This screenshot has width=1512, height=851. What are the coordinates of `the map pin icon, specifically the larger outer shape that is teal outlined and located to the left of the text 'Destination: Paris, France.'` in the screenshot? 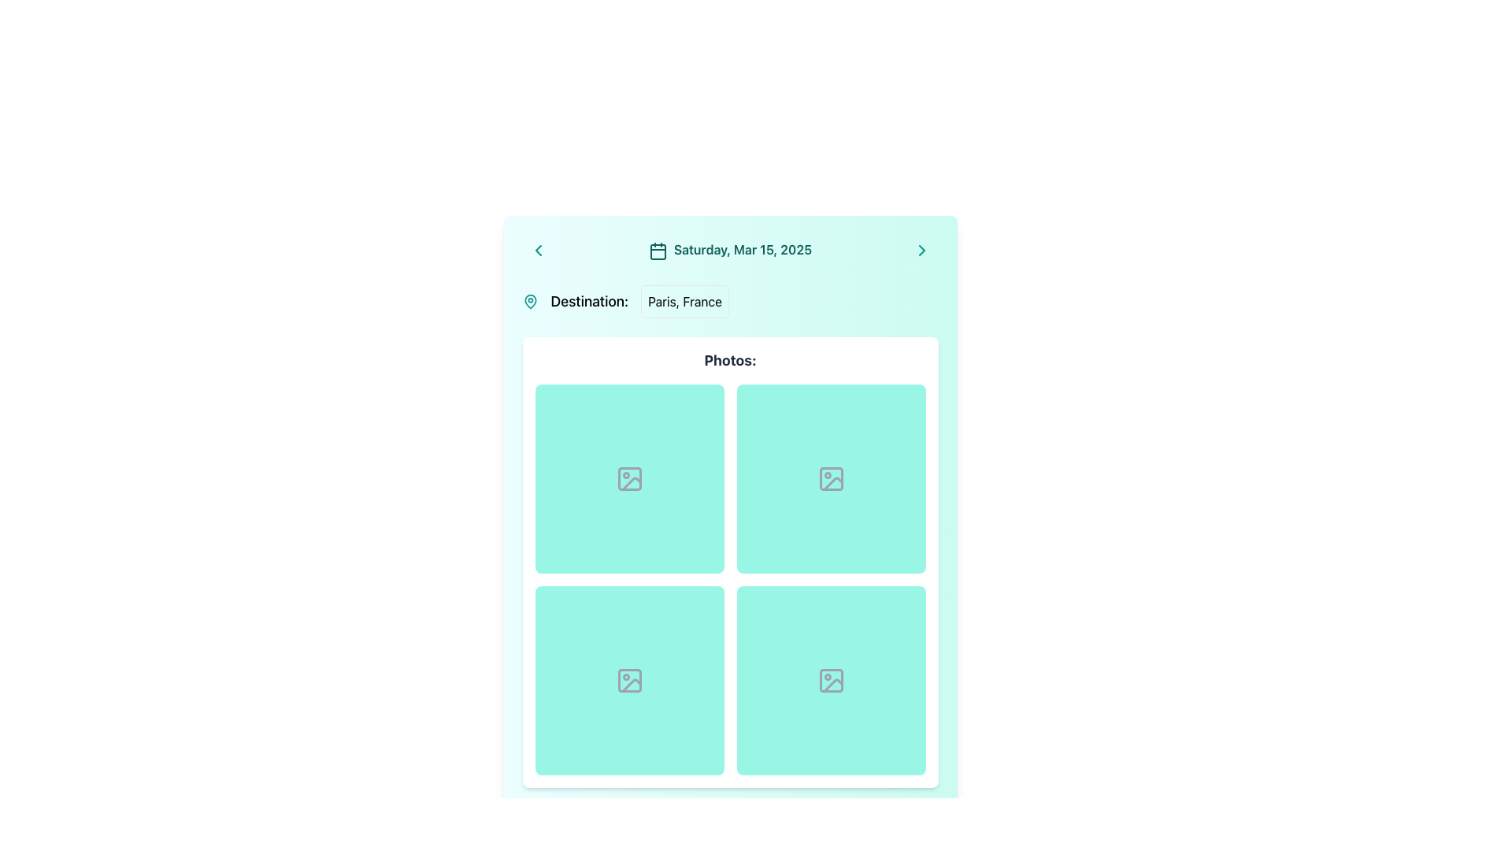 It's located at (530, 301).